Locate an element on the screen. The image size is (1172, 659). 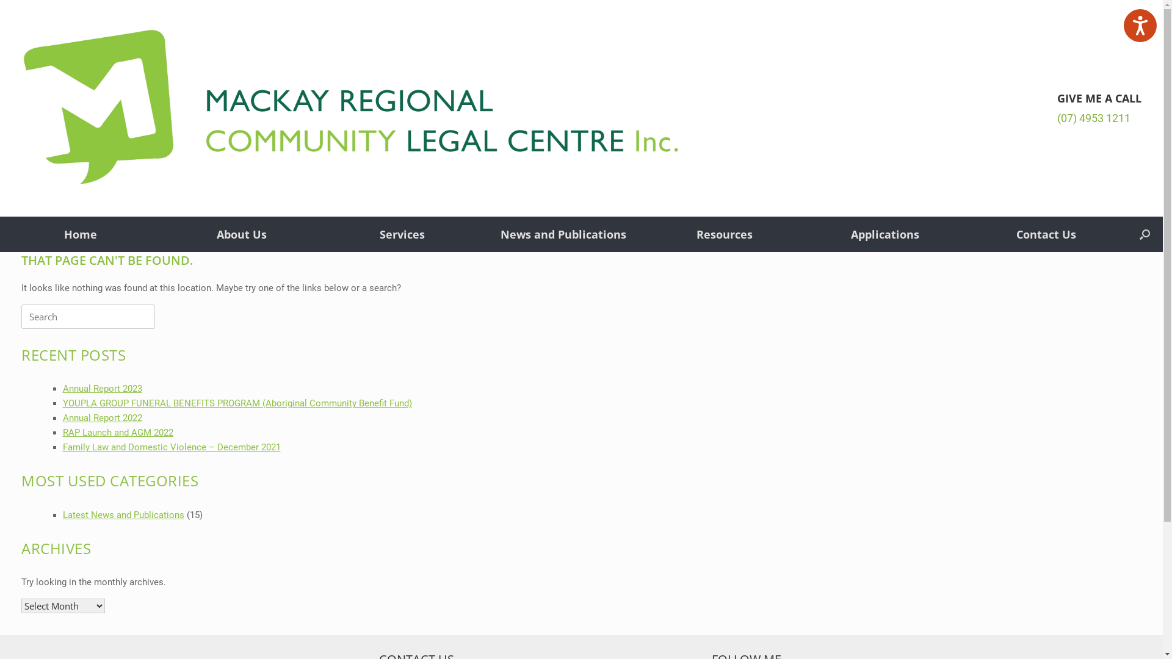
'Listen with the ReachDeck Toolbar' is located at coordinates (1123, 26).